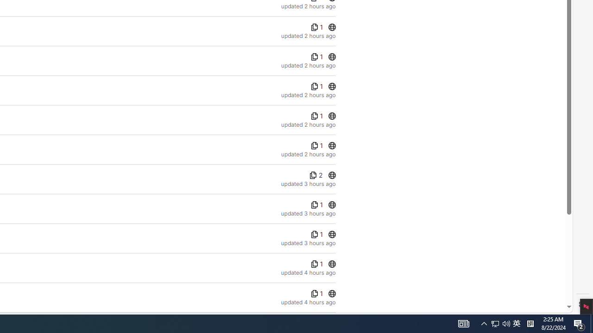 The image size is (593, 333). What do you see at coordinates (332, 294) in the screenshot?
I see `'Class: s16'` at bounding box center [332, 294].